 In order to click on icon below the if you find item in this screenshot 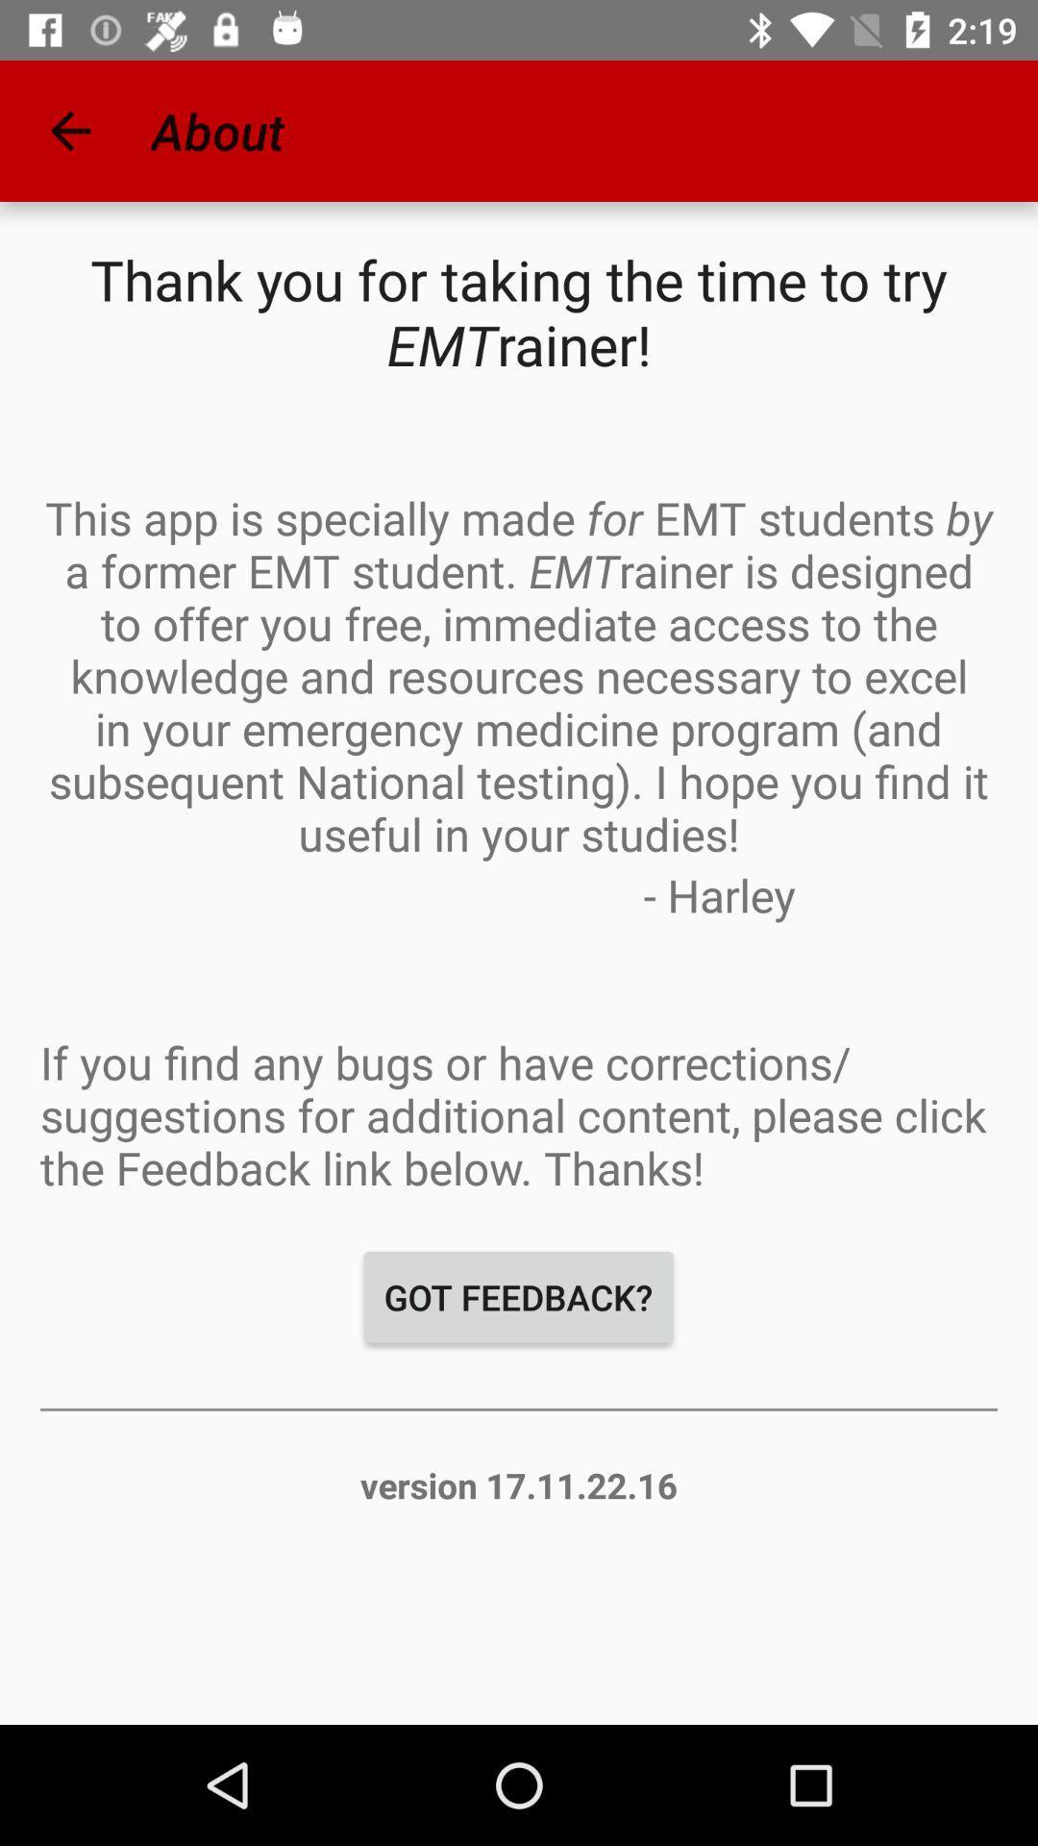, I will do `click(517, 1297)`.